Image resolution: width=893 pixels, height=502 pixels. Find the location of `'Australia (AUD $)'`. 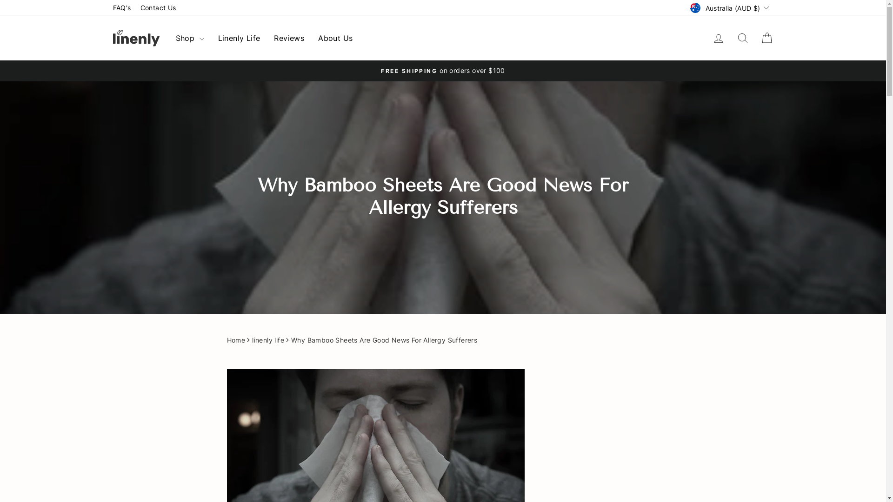

'Australia (AUD $)' is located at coordinates (730, 7).